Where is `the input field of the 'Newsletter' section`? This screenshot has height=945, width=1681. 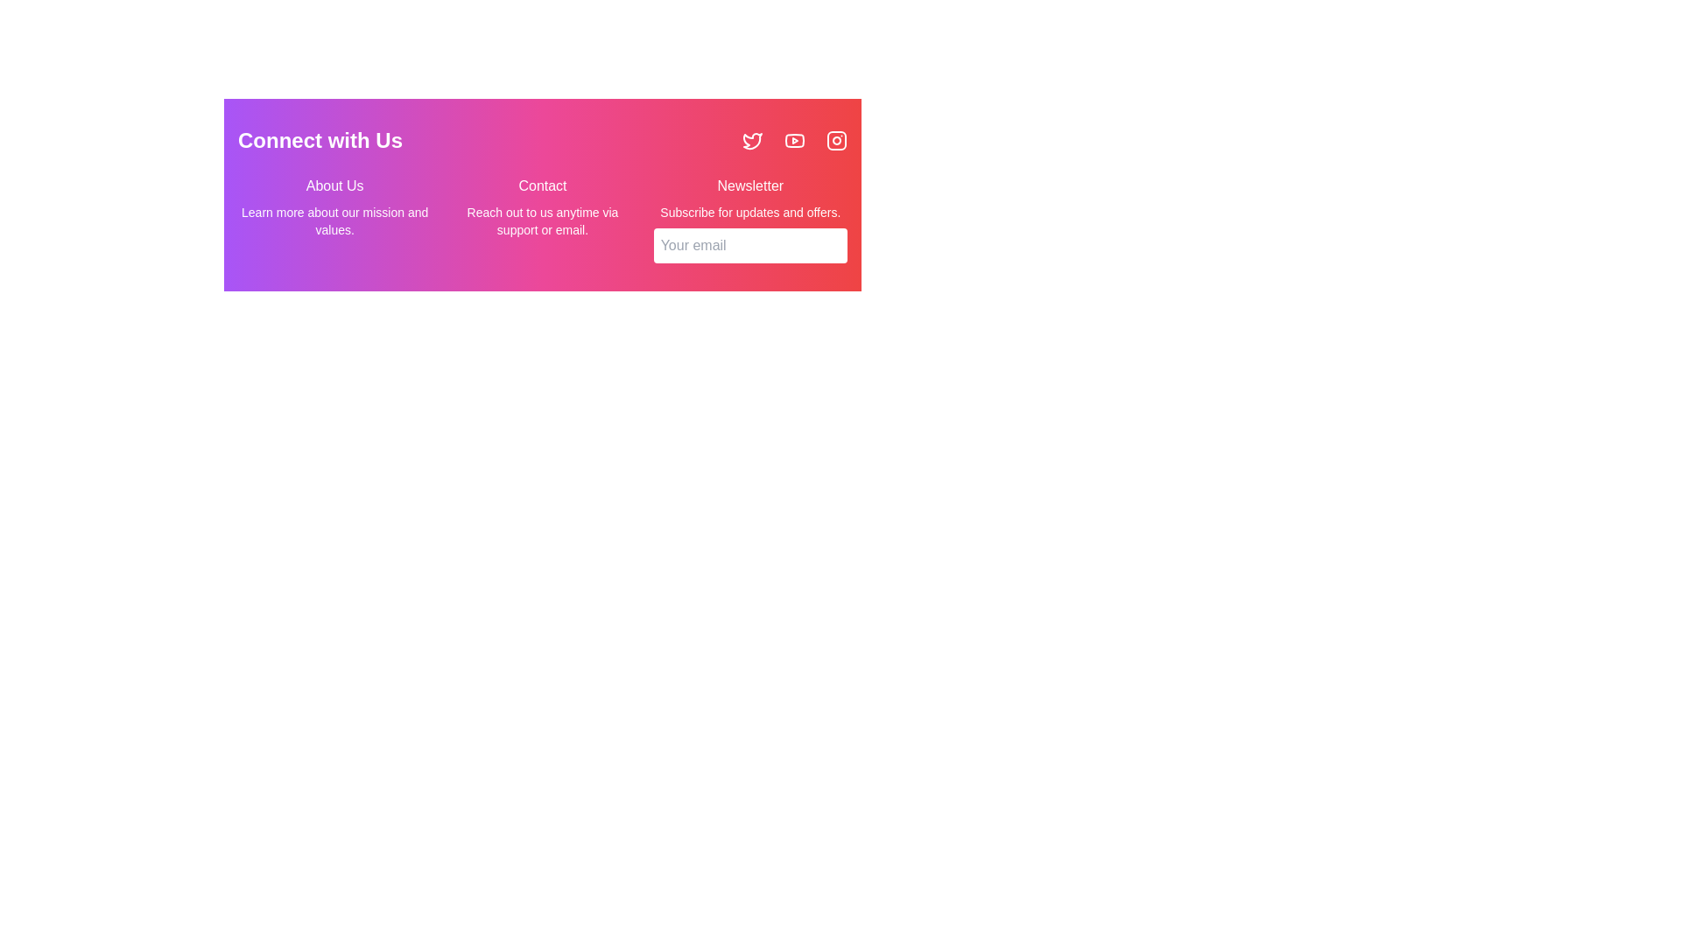 the input field of the 'Newsletter' section is located at coordinates (750, 218).